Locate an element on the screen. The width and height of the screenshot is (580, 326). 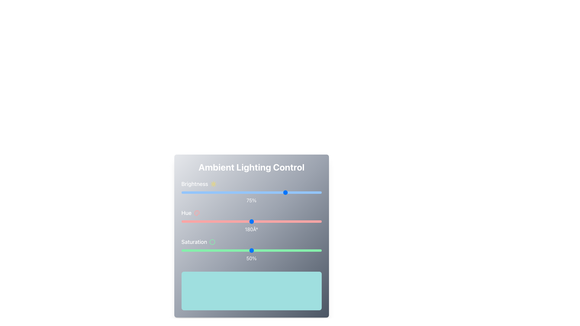
brightness is located at coordinates (229, 192).